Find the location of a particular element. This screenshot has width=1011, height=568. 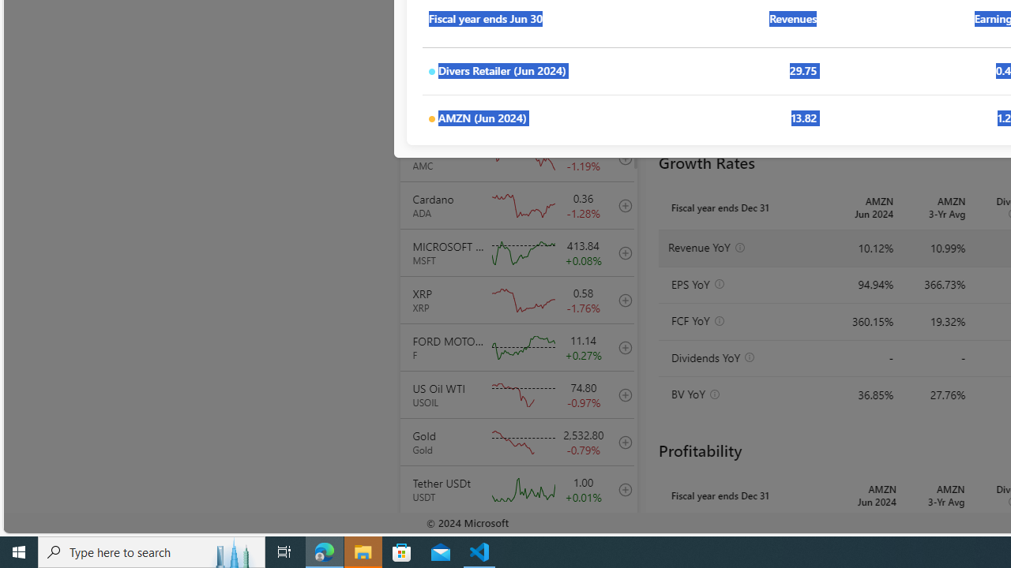

'Class: symbolDot-DS-EntryPoint1-2' is located at coordinates (431, 118).